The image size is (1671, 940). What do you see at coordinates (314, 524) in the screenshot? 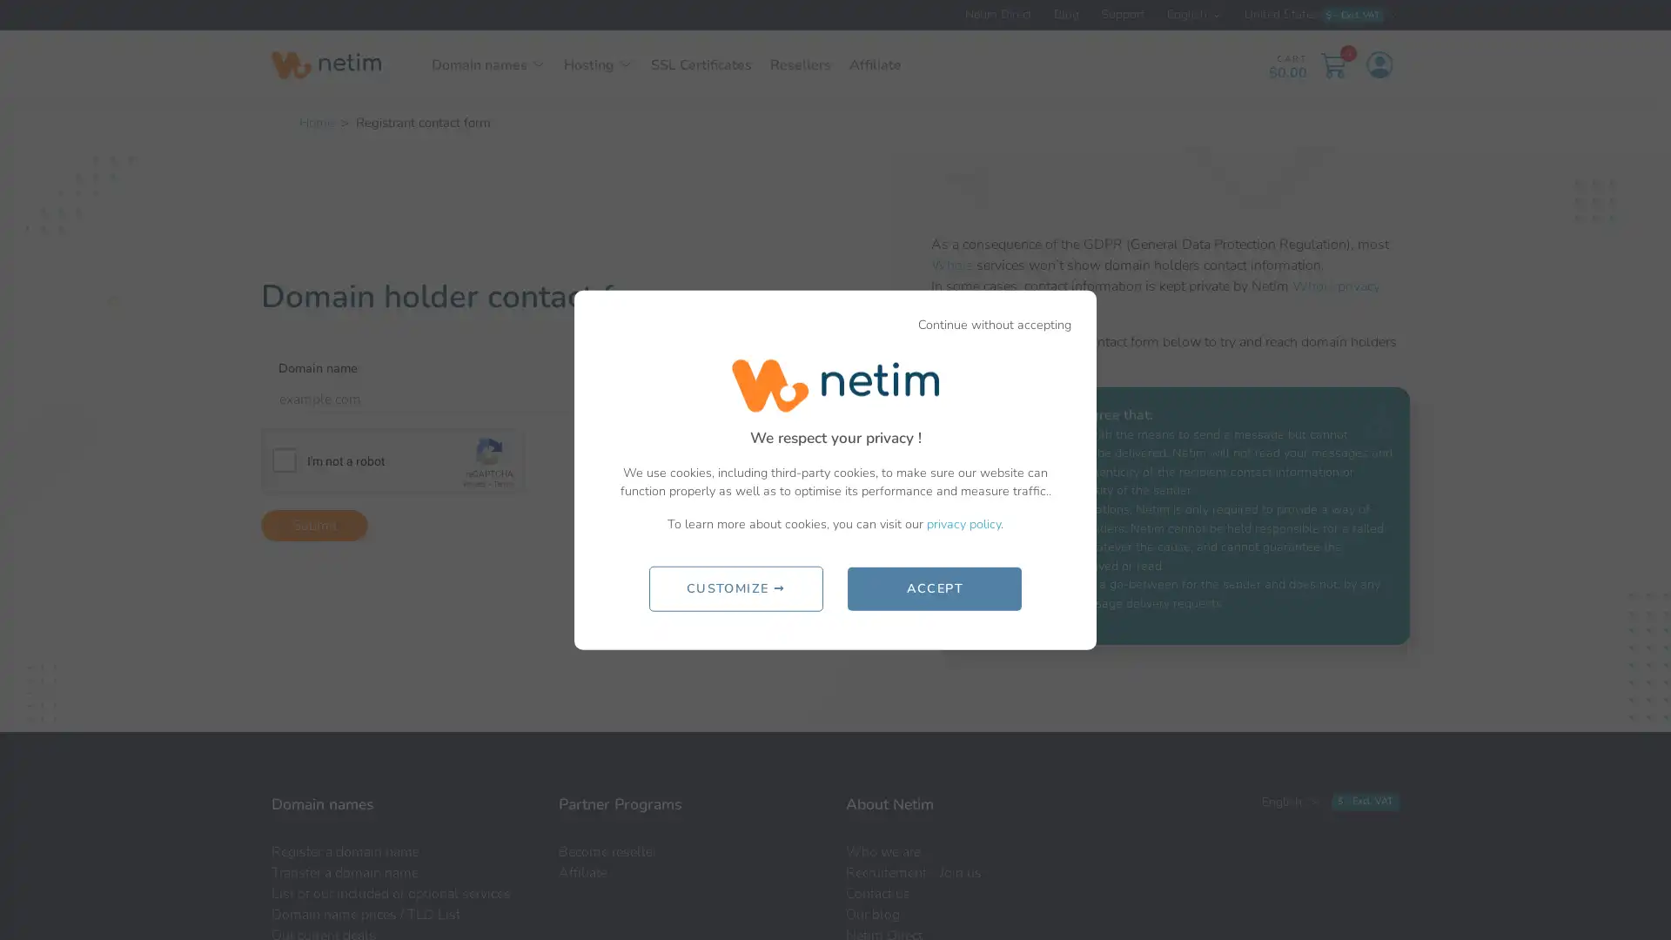
I see `Submit` at bounding box center [314, 524].